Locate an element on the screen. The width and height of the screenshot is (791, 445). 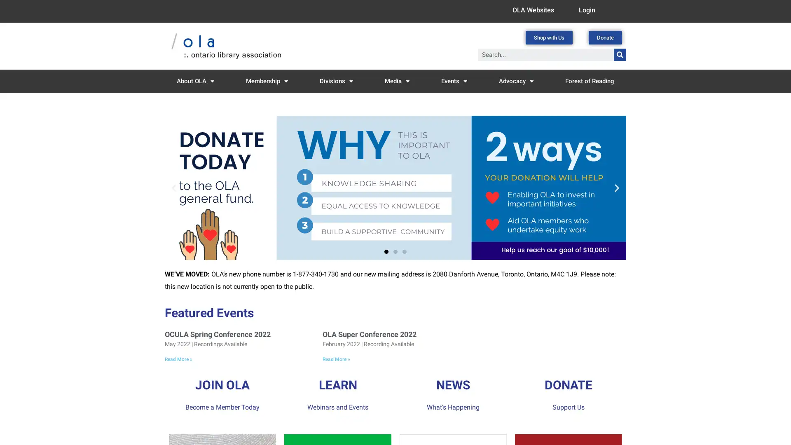
Go to slide 1 is located at coordinates (386, 251).